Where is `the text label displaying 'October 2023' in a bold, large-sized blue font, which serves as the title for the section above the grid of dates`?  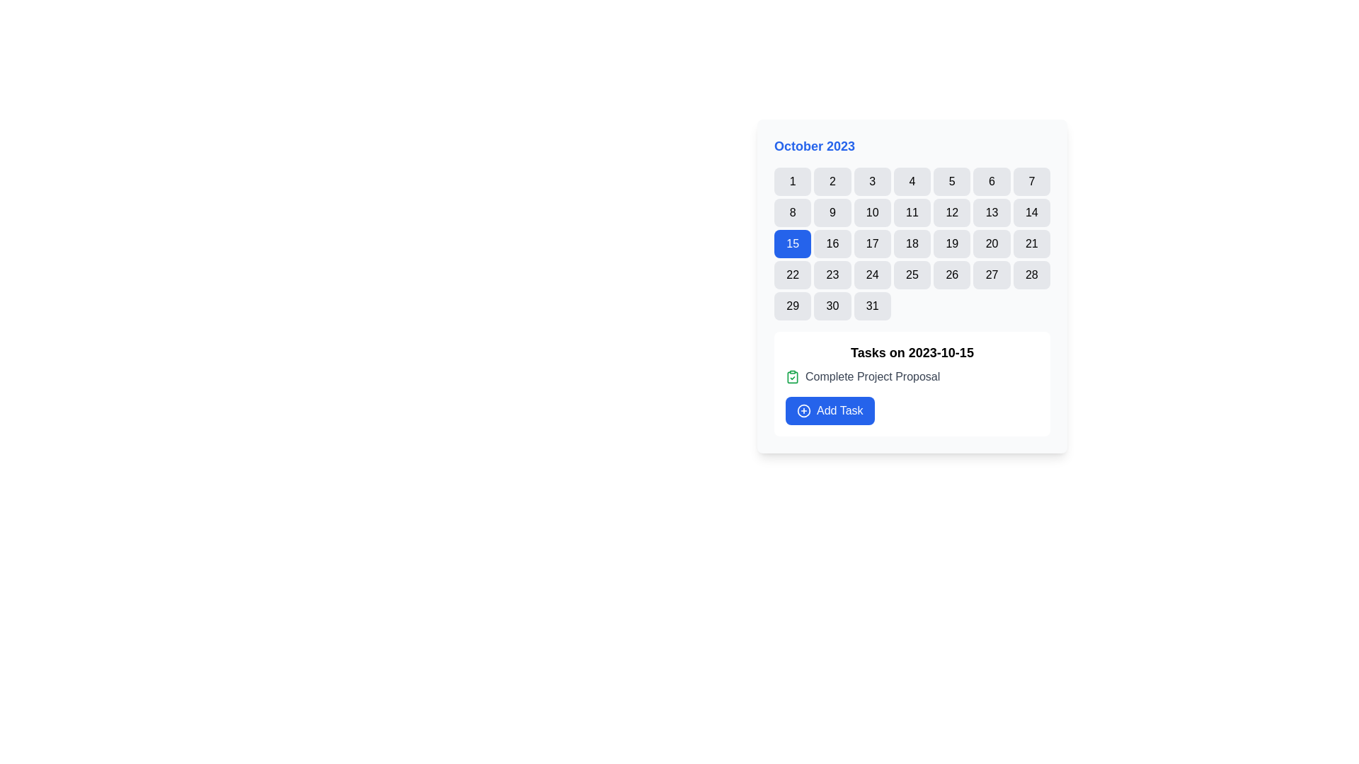
the text label displaying 'October 2023' in a bold, large-sized blue font, which serves as the title for the section above the grid of dates is located at coordinates (815, 146).